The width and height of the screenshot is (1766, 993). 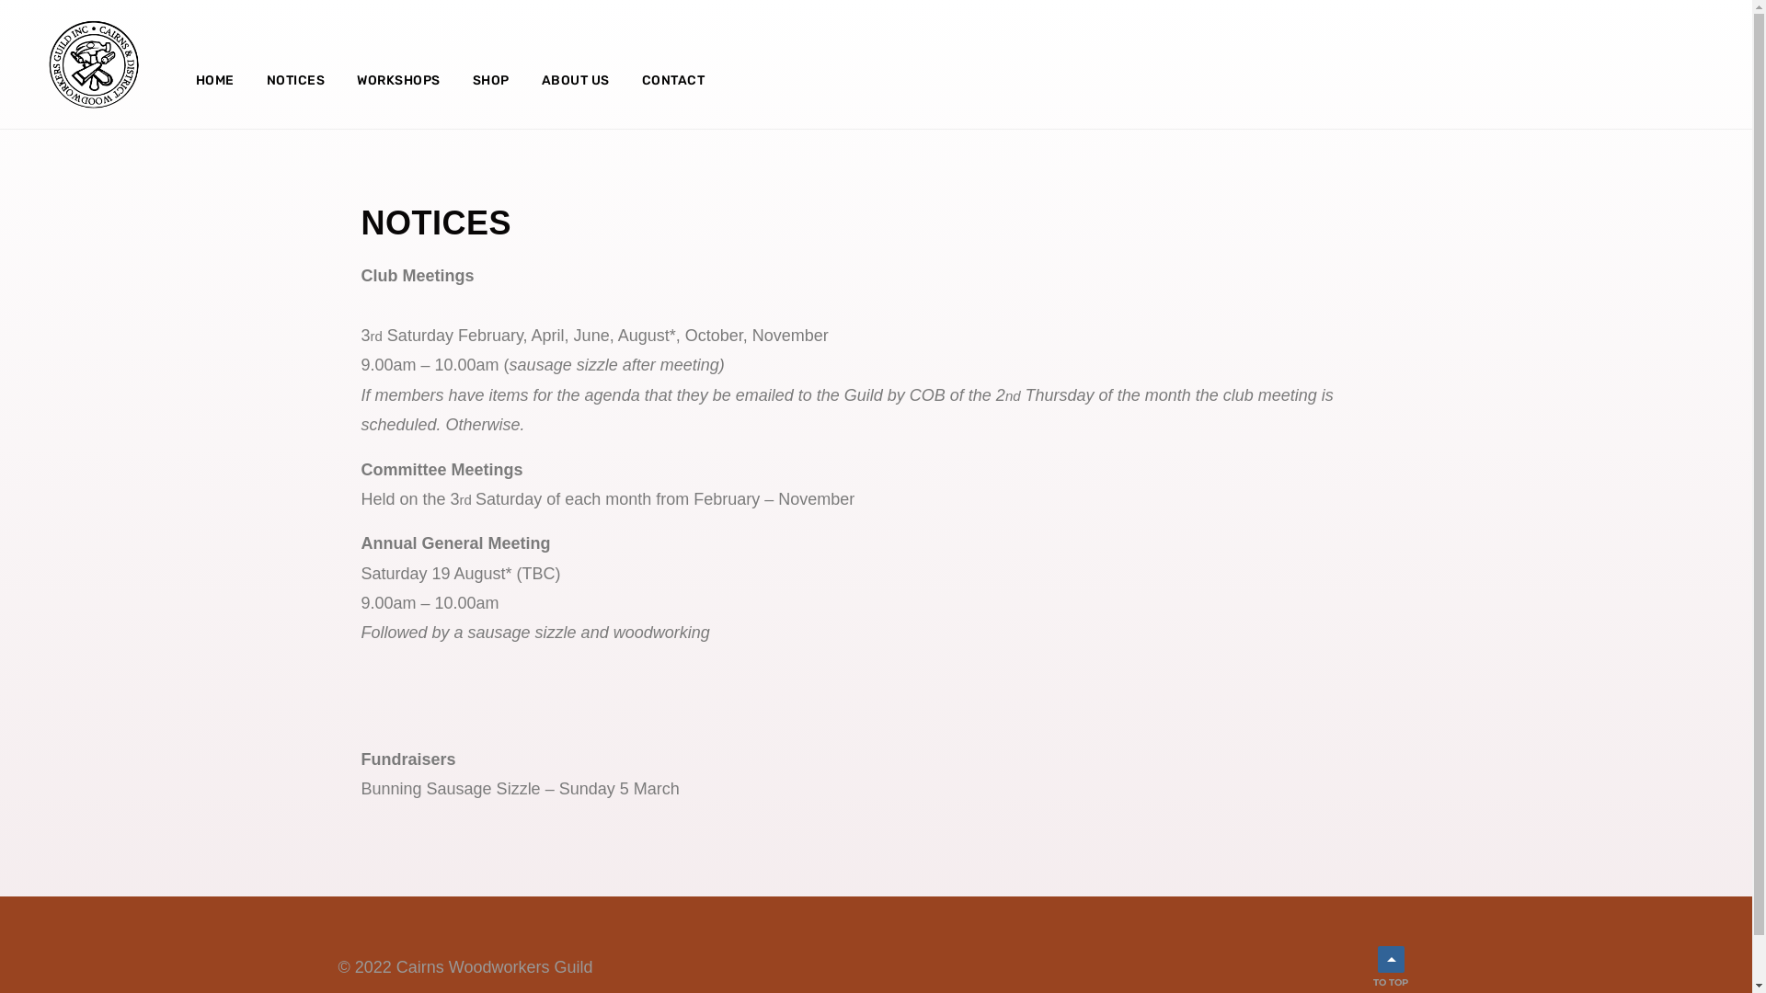 I want to click on 'CONTACT', so click(x=672, y=80).